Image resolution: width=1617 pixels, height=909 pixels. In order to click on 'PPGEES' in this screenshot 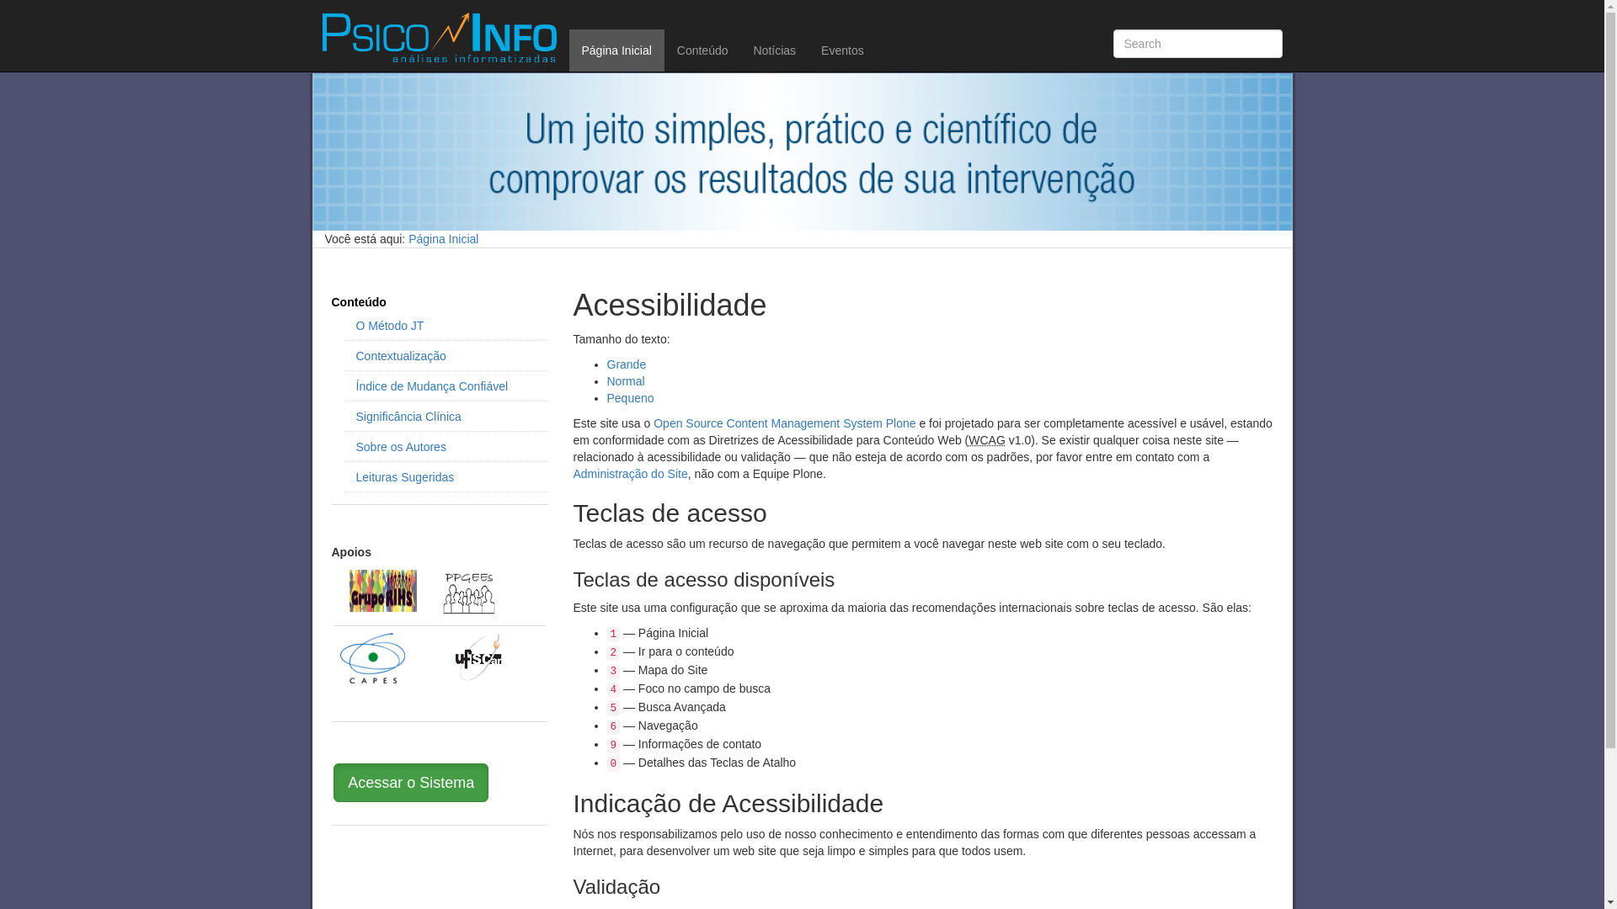, I will do `click(468, 593)`.